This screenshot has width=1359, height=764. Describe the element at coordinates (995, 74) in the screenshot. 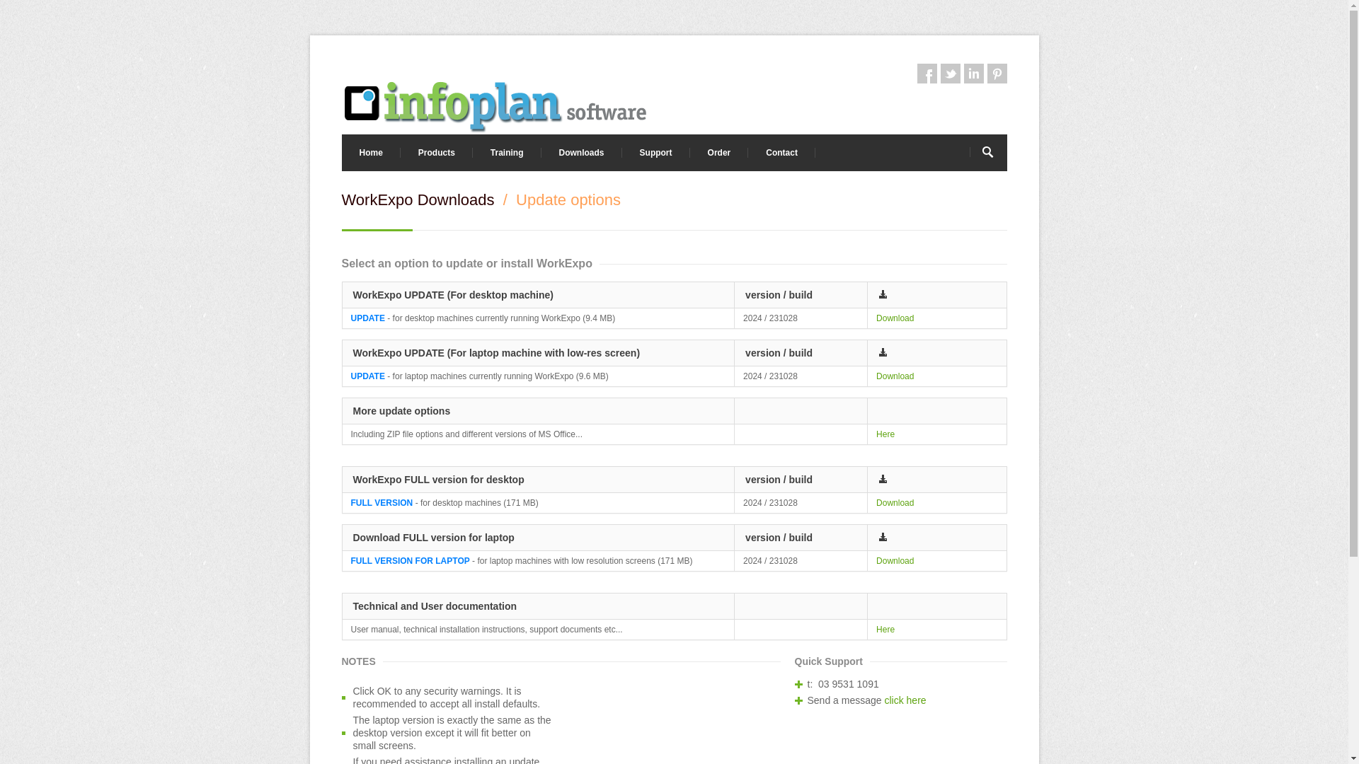

I see `'Pintrest'` at that location.